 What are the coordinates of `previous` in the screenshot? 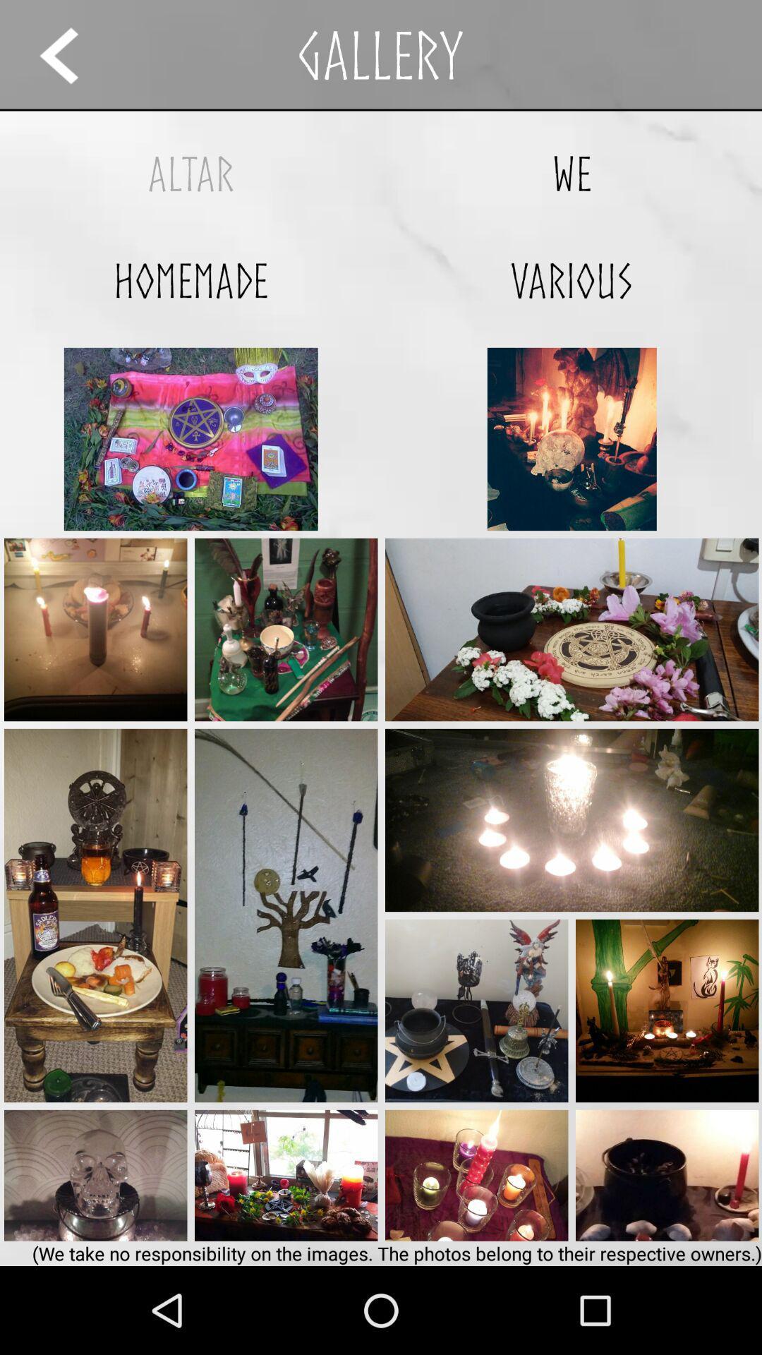 It's located at (72, 55).